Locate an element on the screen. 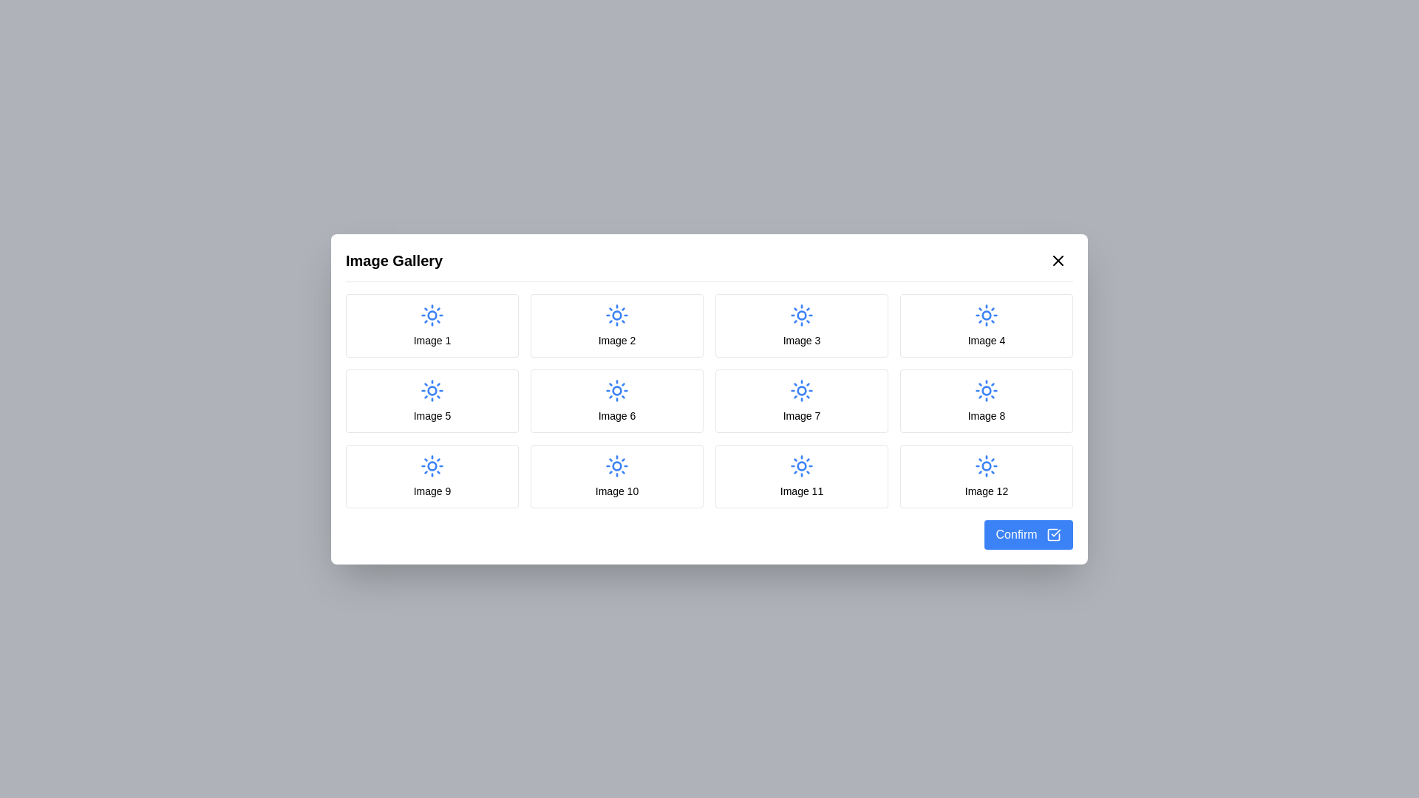 The width and height of the screenshot is (1419, 798). close button located in the top-right corner of the dialog is located at coordinates (1057, 259).